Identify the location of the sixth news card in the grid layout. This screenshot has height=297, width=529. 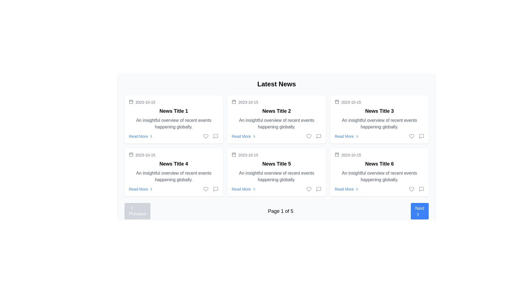
(379, 172).